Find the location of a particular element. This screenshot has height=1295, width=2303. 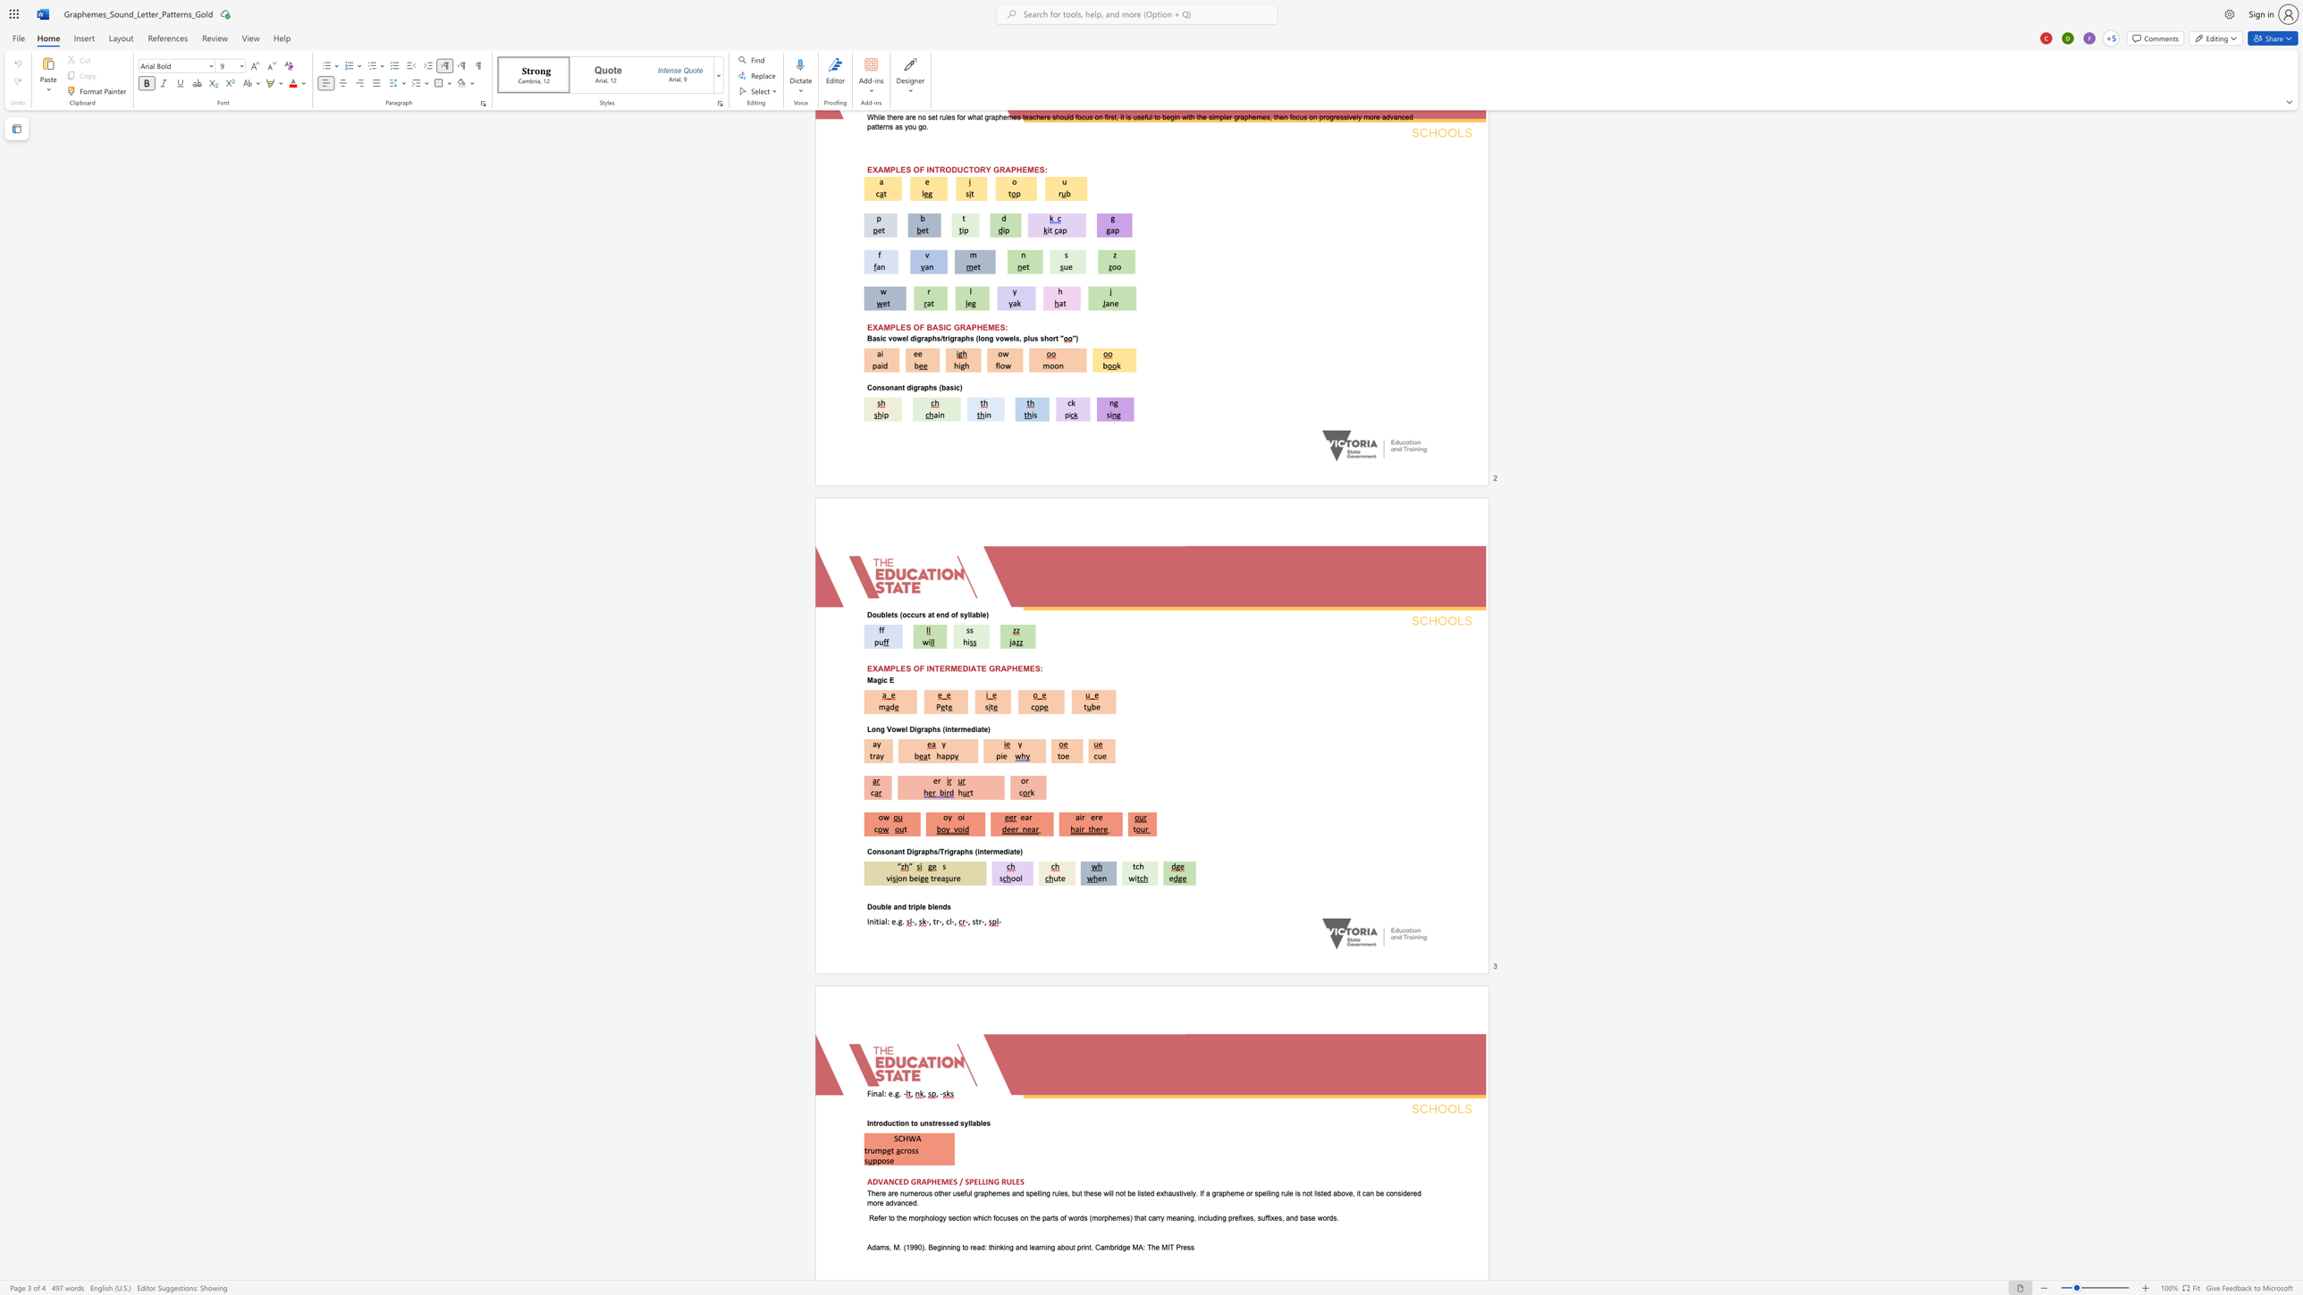

the 2th character "e" in the text is located at coordinates (1101, 817).